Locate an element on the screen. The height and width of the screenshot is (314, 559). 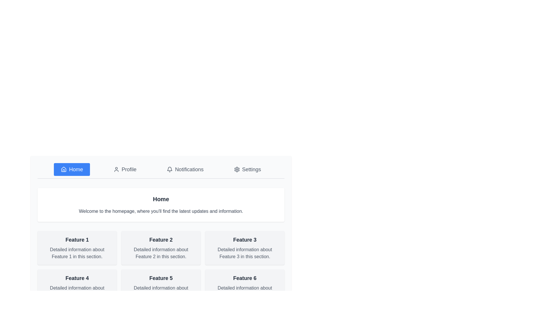
the descriptive text label located below the heading 'Feature 2' in the second column of the grid layout, which provides additional information about 'Feature 2' is located at coordinates (161, 253).